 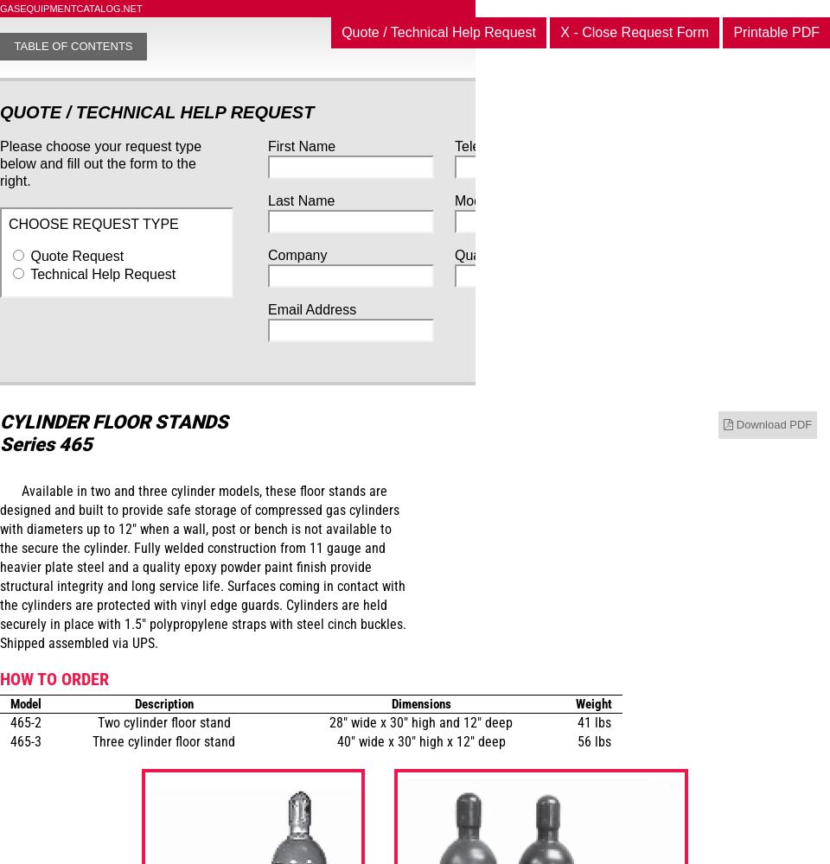 I want to click on '41 lbs', so click(x=593, y=721).